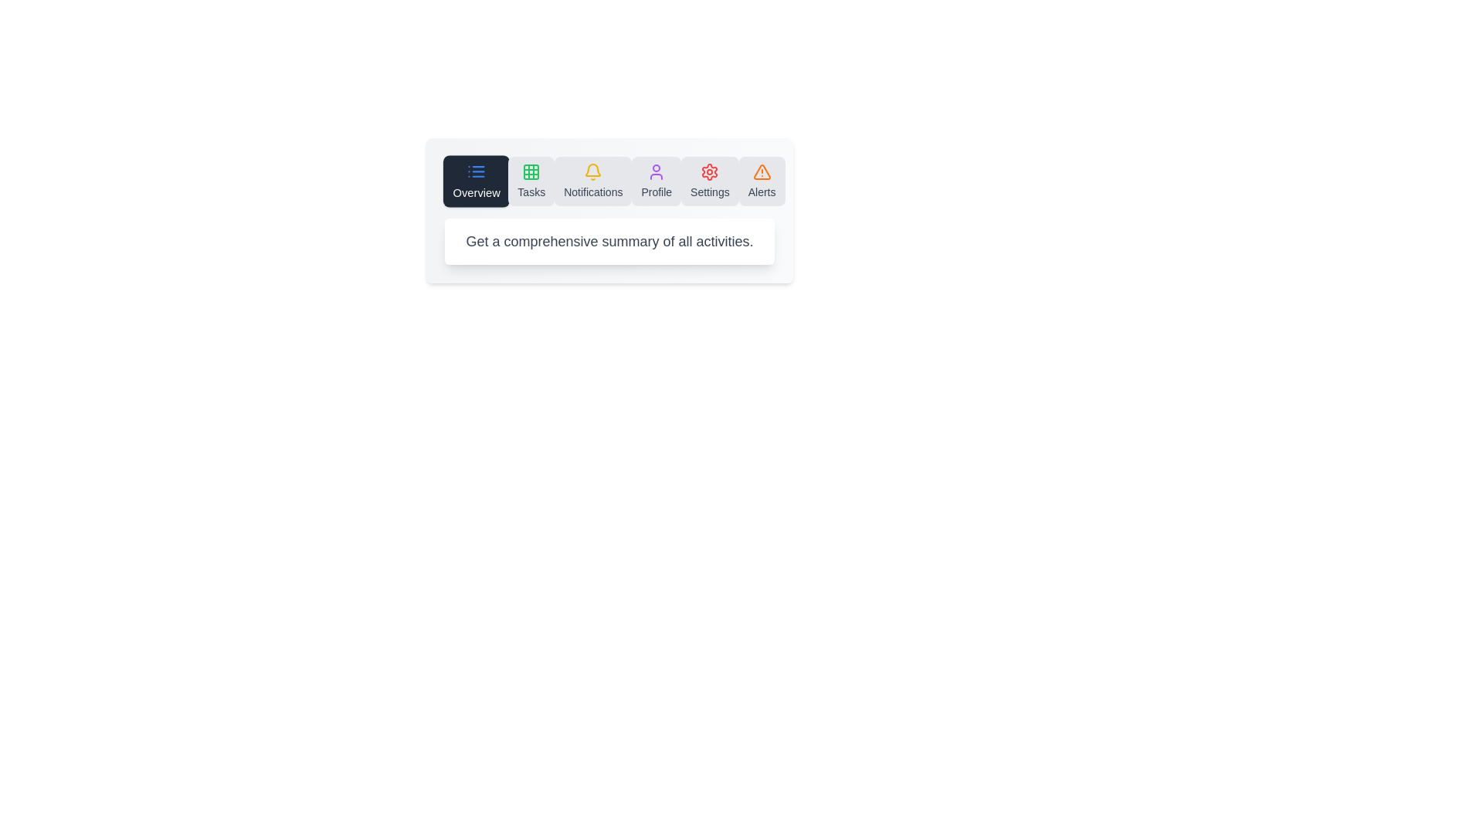 Image resolution: width=1483 pixels, height=834 pixels. What do you see at coordinates (708, 181) in the screenshot?
I see `the icon to switch to the Settings section` at bounding box center [708, 181].